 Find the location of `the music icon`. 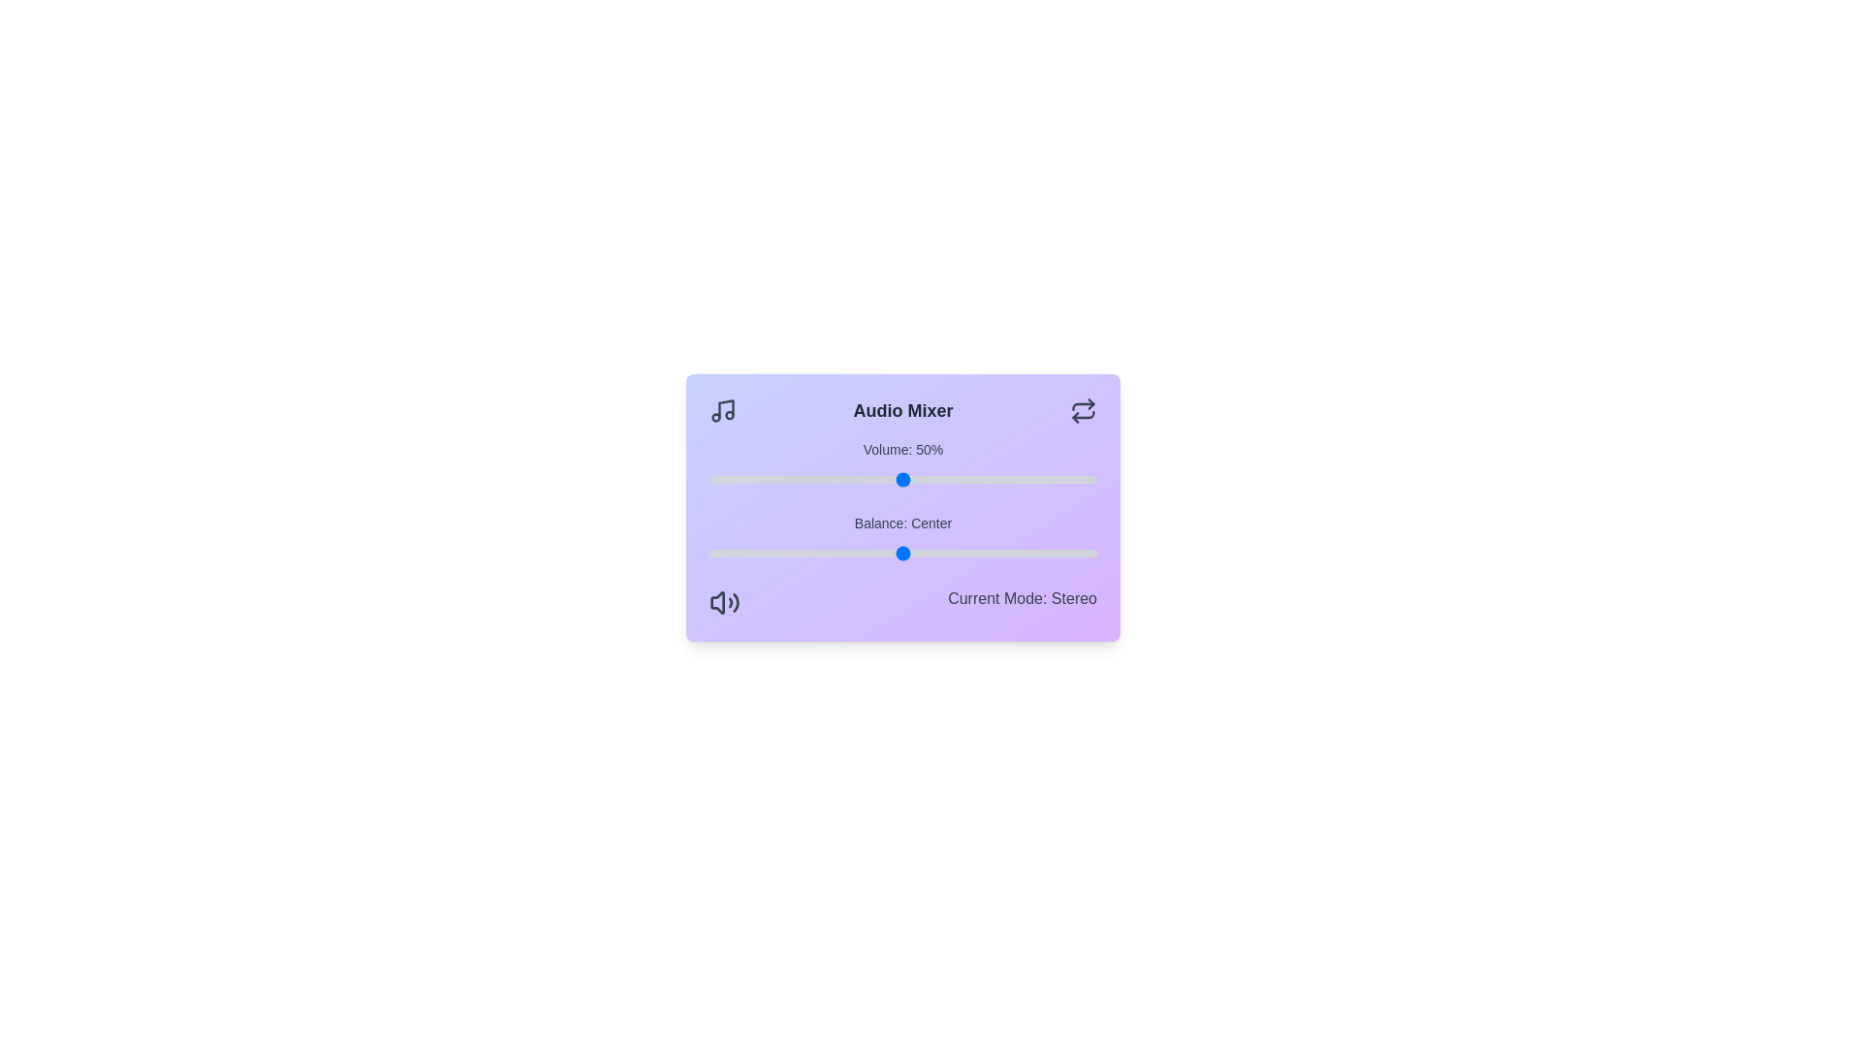

the music icon is located at coordinates (721, 410).